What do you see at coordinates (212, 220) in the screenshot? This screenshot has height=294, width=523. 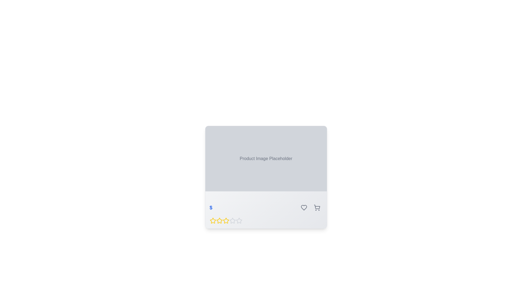 I see `the first star icon in the rating system to assign or change a rating` at bounding box center [212, 220].